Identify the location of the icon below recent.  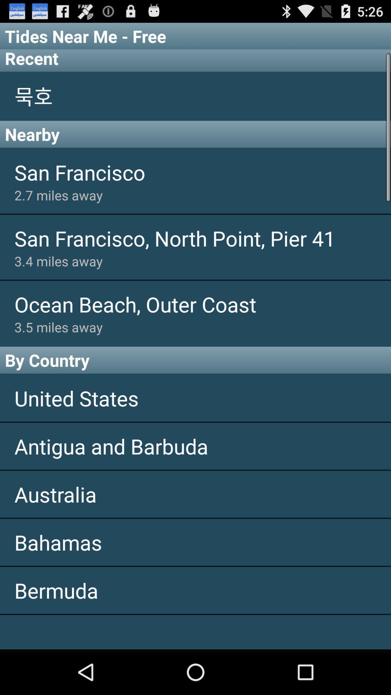
(195, 96).